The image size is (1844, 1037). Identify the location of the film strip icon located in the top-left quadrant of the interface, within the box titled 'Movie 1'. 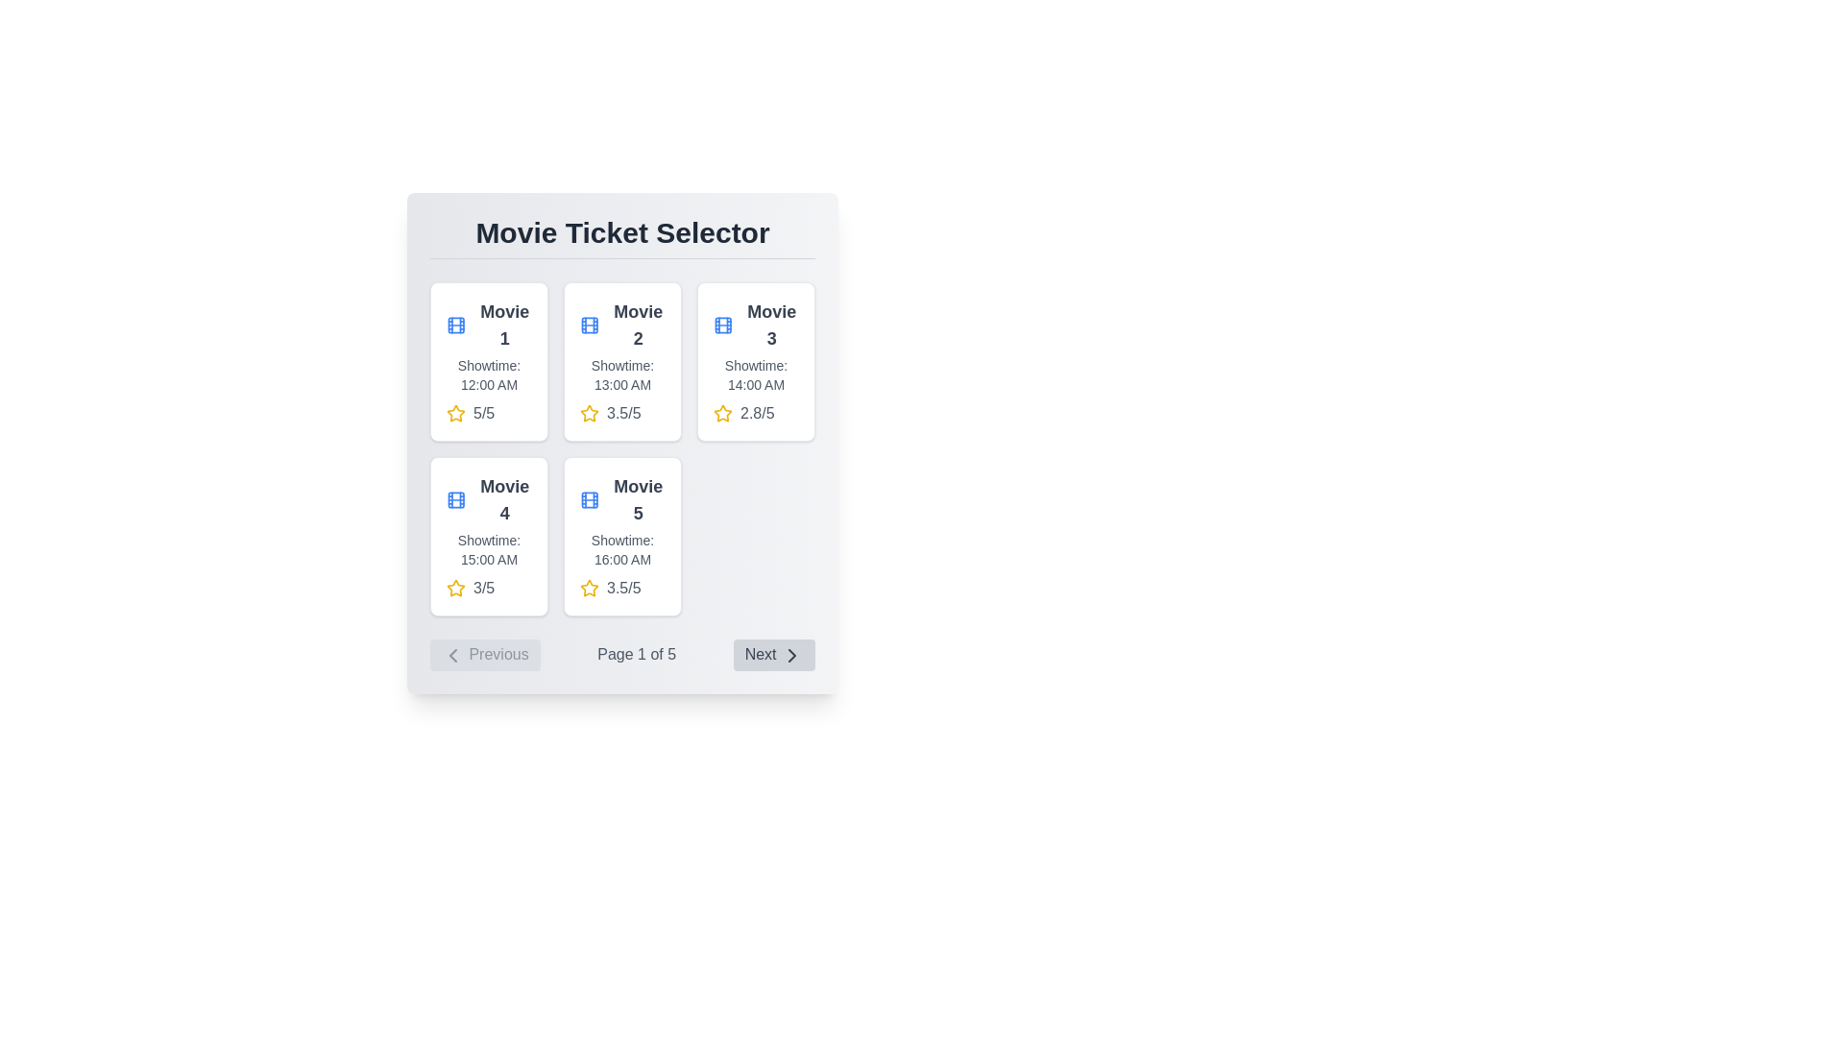
(455, 325).